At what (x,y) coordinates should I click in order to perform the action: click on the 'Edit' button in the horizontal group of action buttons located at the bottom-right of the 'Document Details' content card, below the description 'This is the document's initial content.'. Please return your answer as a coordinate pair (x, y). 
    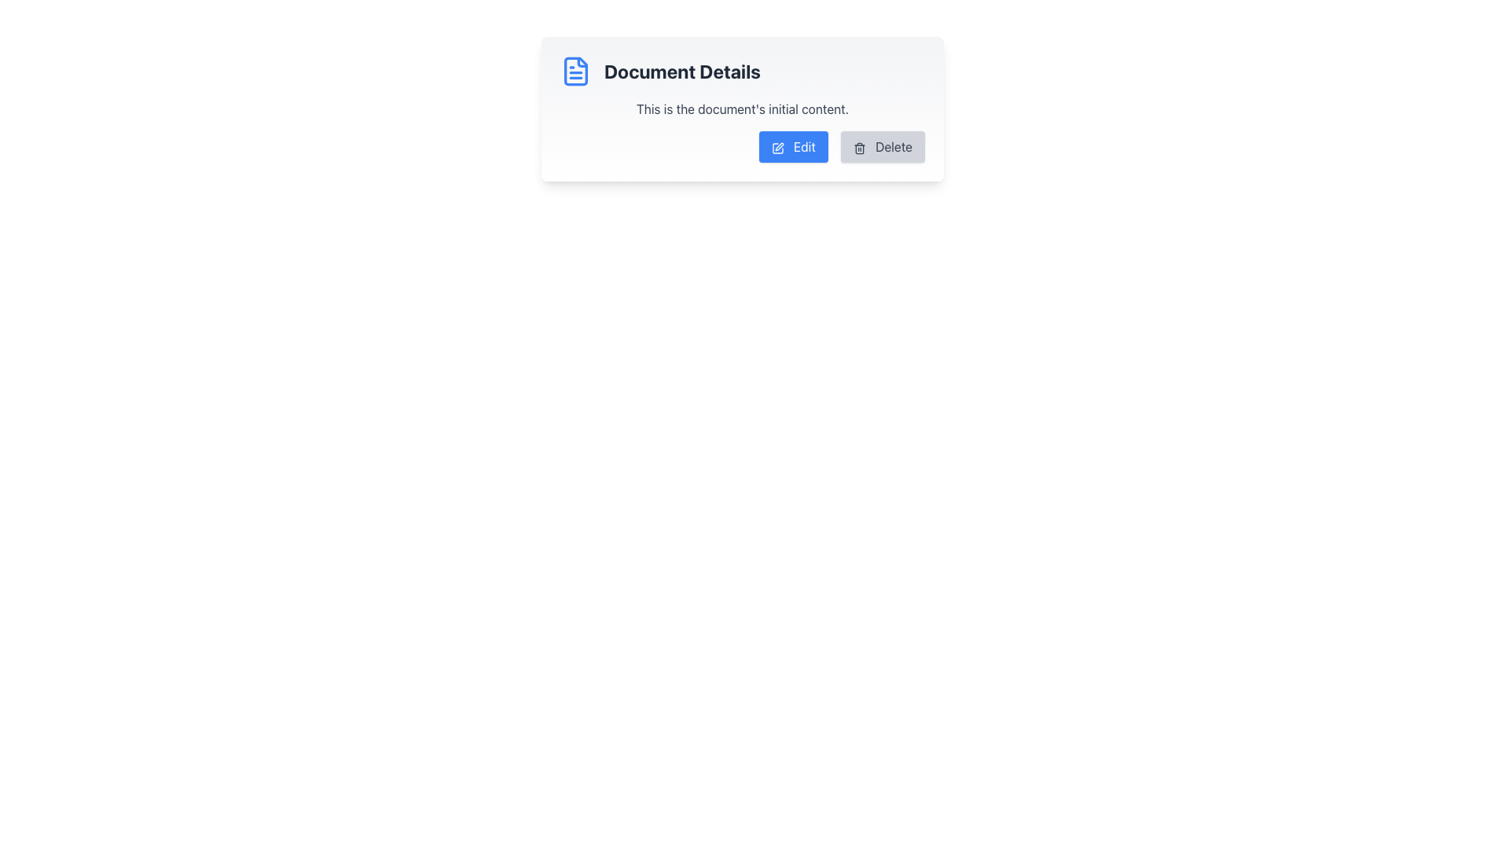
    Looking at the image, I should click on (742, 146).